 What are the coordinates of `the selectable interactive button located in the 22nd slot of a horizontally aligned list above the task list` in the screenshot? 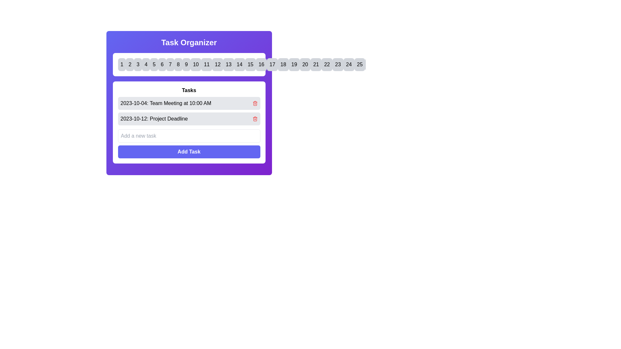 It's located at (327, 65).